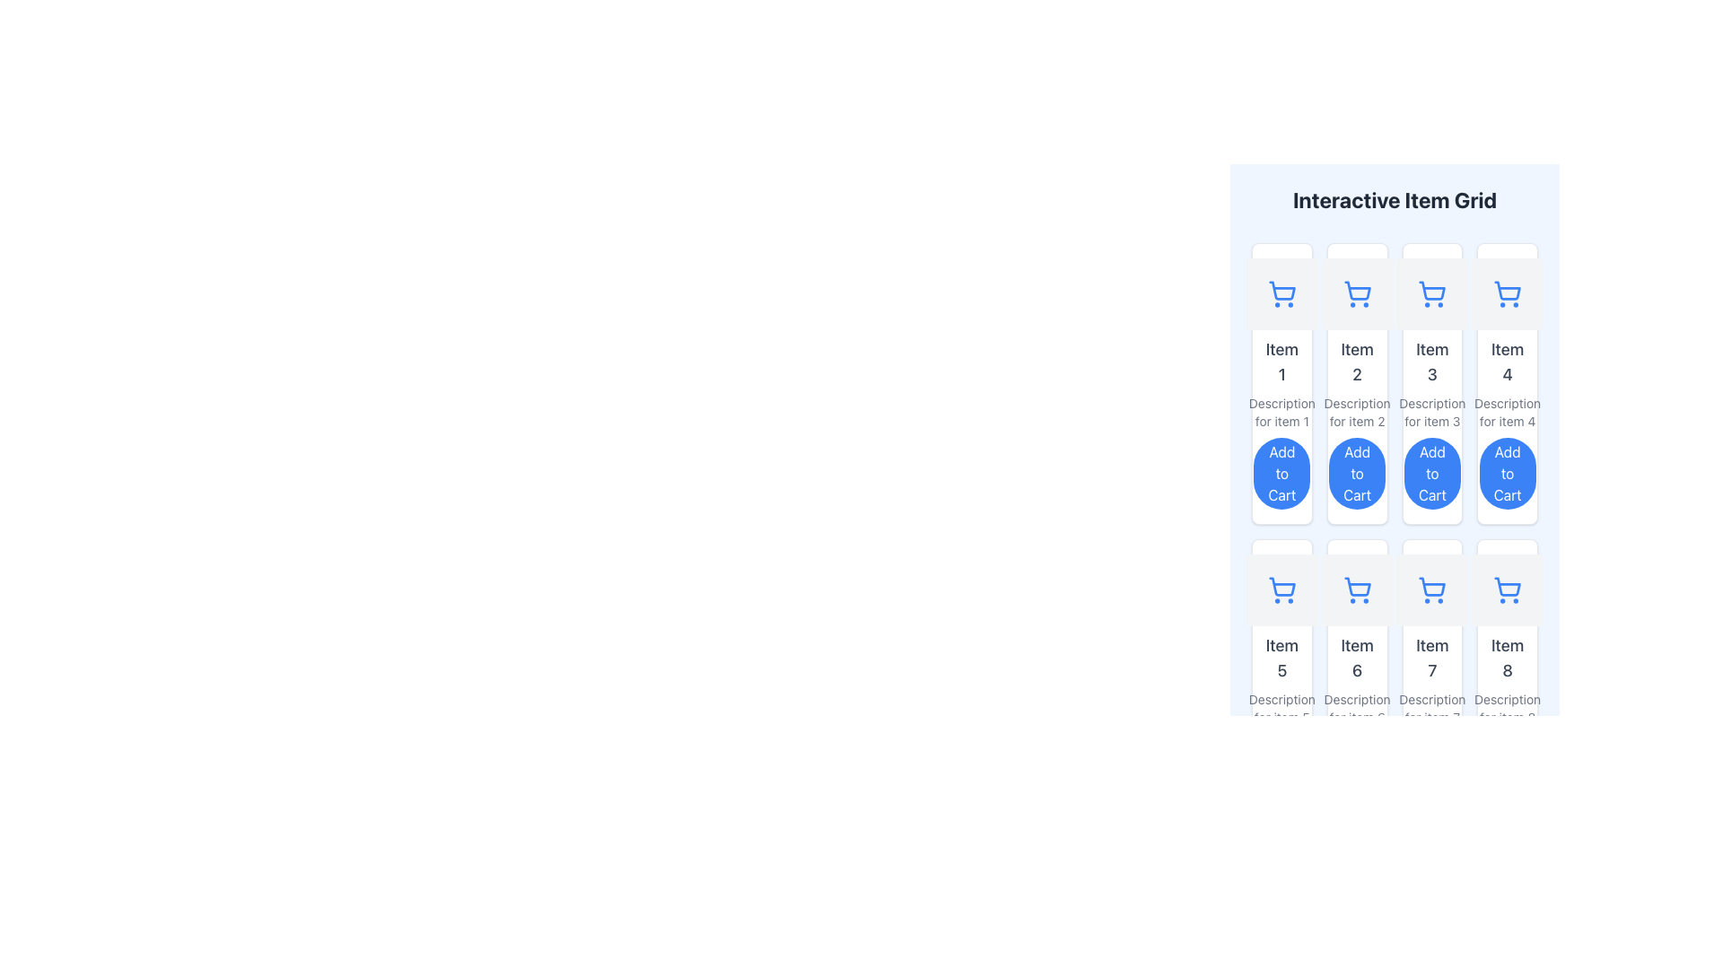  What do you see at coordinates (1508, 383) in the screenshot?
I see `the 'Add to Cart' button at the bottom of the Product Card labeled 'Item 4'` at bounding box center [1508, 383].